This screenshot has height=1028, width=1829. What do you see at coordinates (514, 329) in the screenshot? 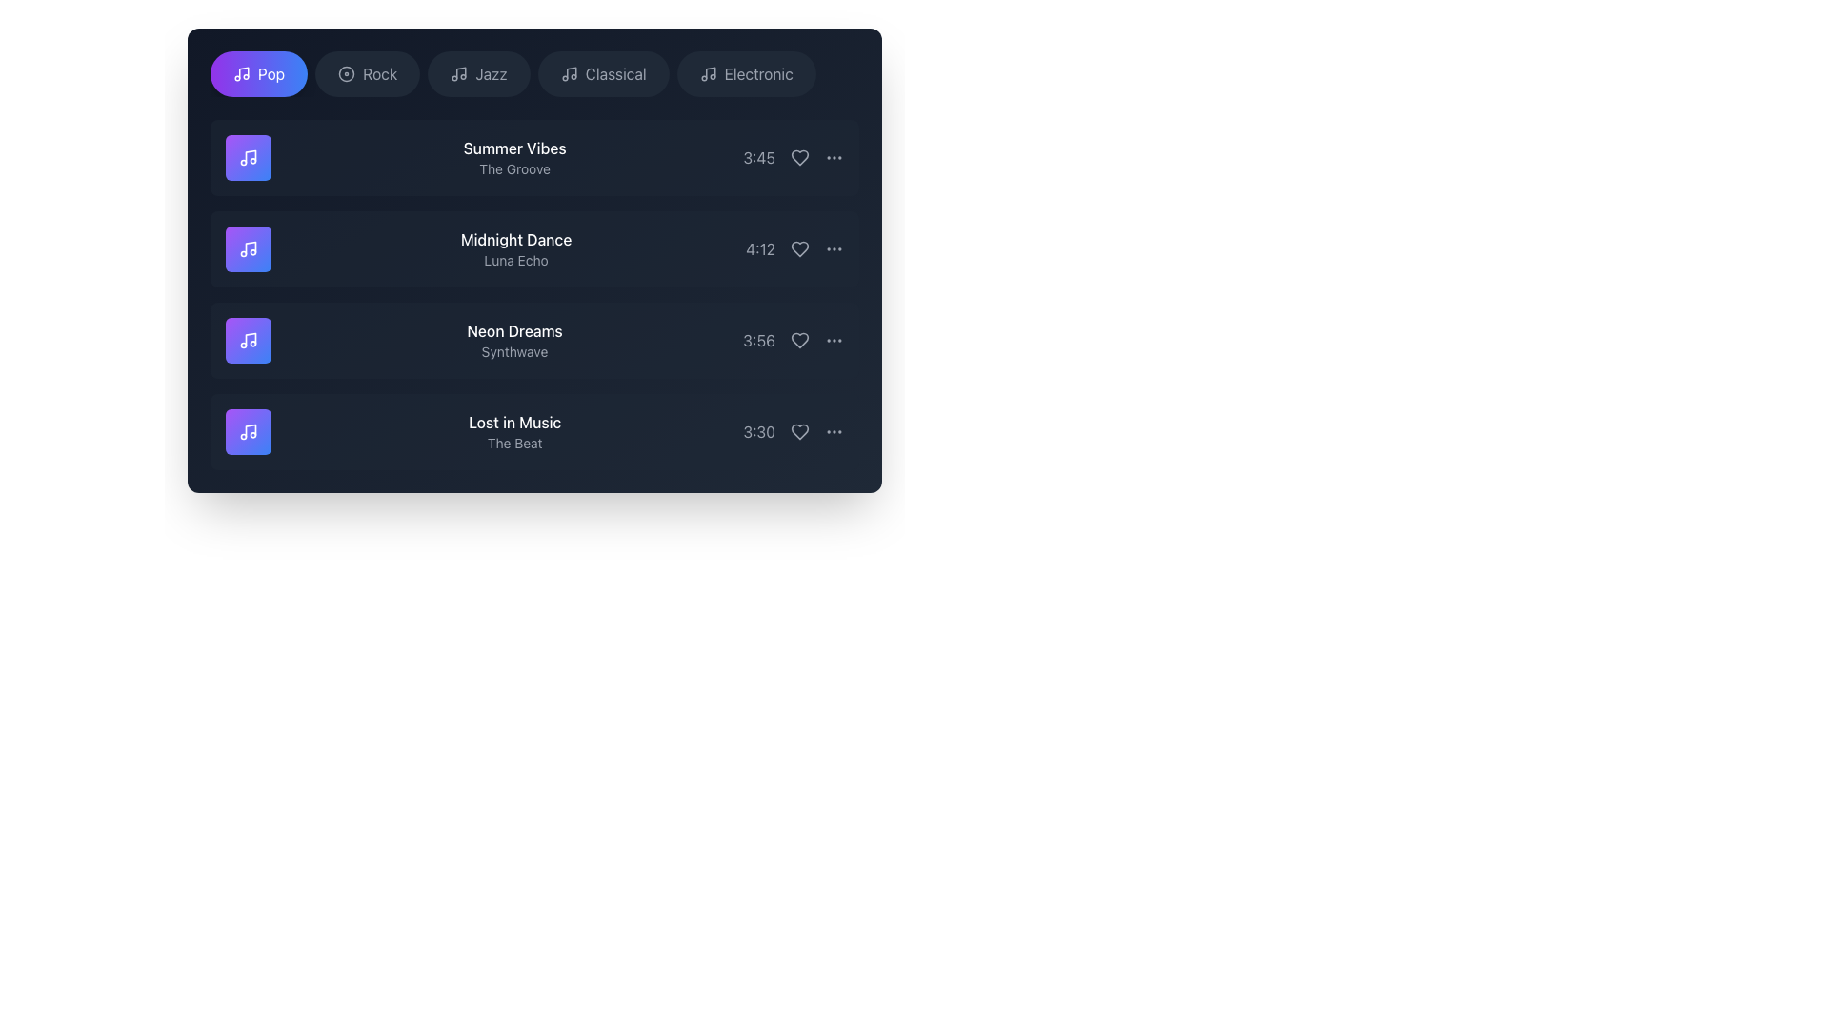
I see `the title text of the song 'Neon Dreams', which is the third item in the song list, positioned directly above the subtitle 'Synthwave'` at bounding box center [514, 329].